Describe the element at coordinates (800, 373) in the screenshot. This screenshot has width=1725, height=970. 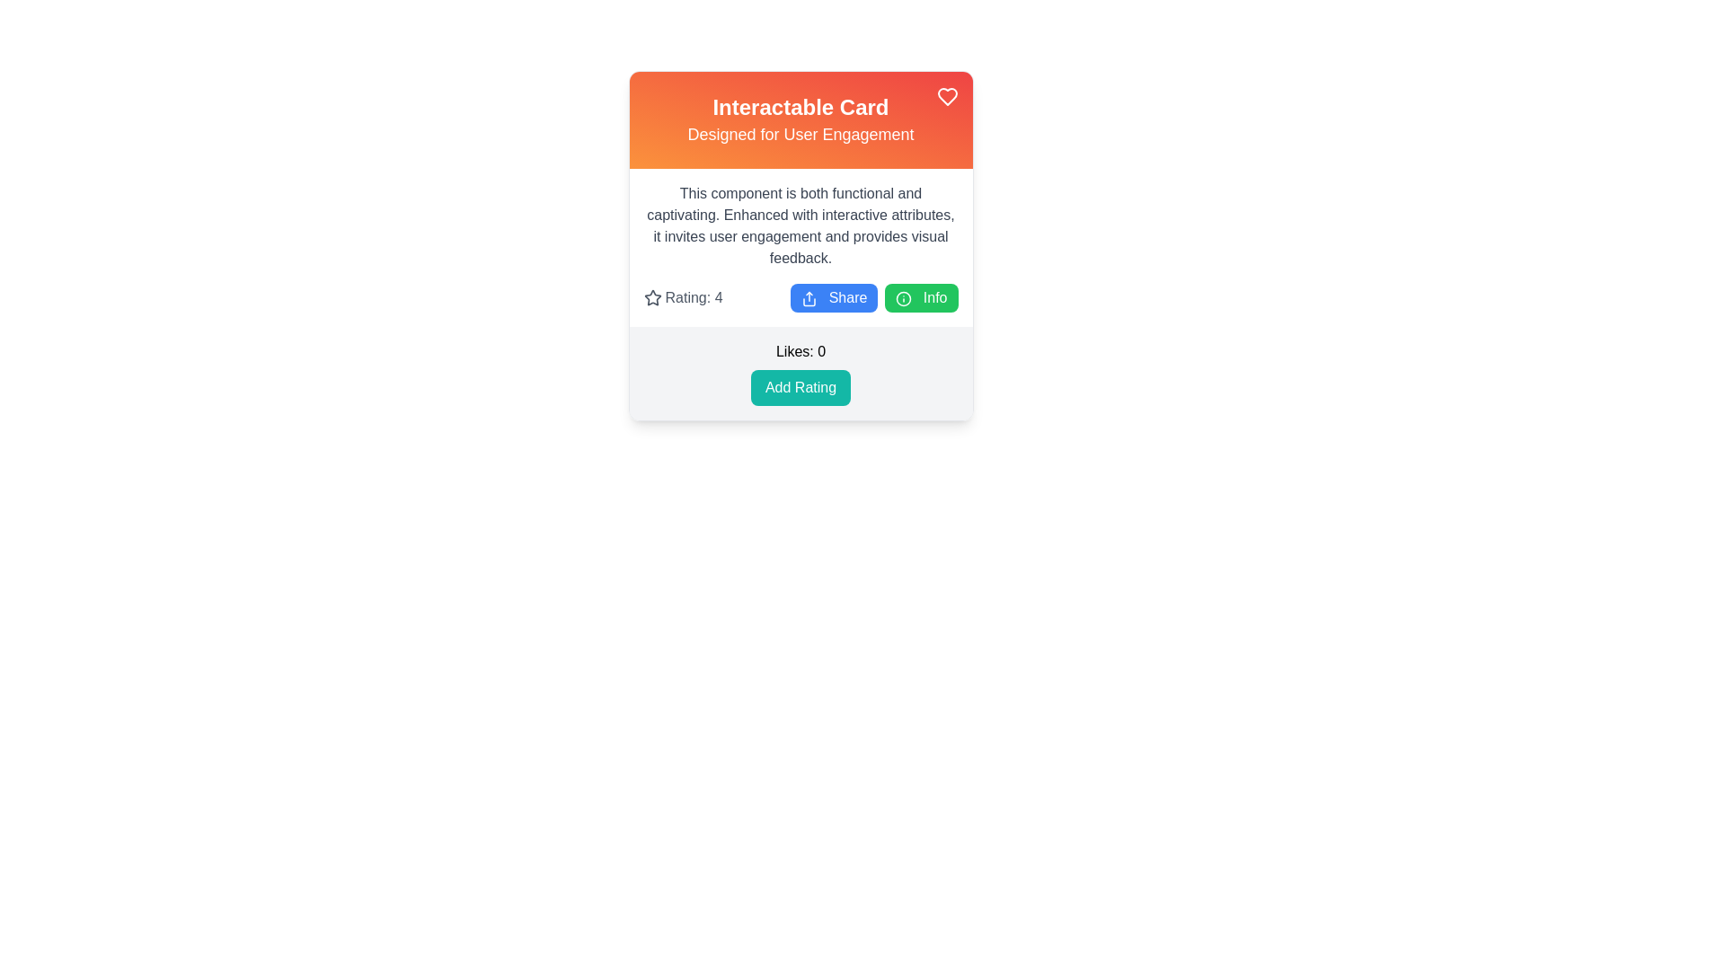
I see `the interactive button that allows users to add a rating, located at the bottom section of the 'Interactable Card', beneath the 'Rating: 4 Share Info' section` at that location.